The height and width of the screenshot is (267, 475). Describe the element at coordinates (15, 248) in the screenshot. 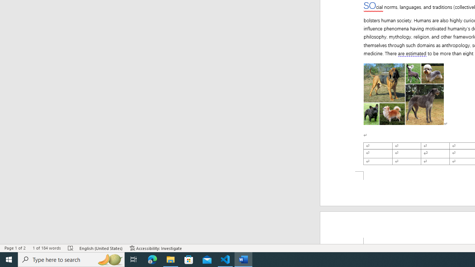

I see `'Page Number Page 1 of 2'` at that location.